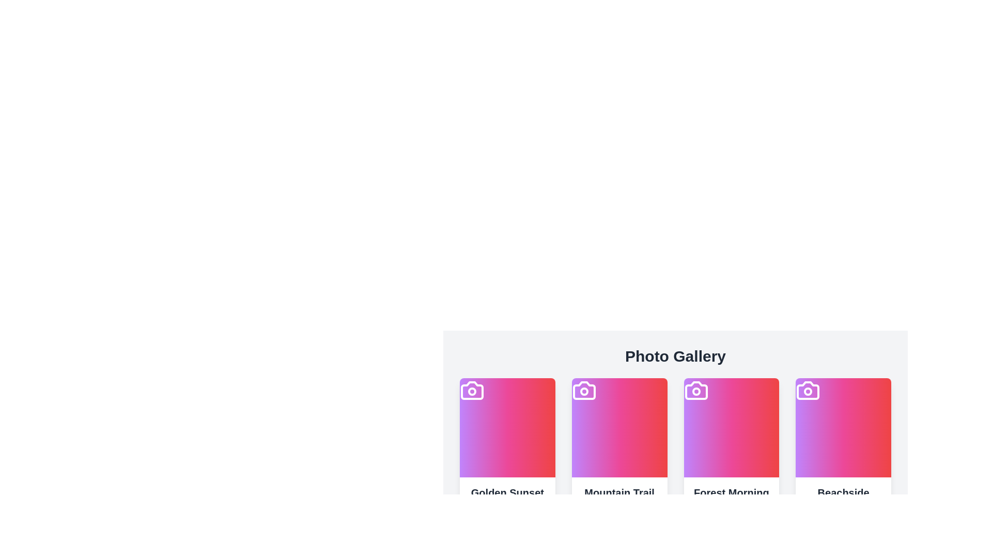  I want to click on the text label displaying the title of the second card, so click(619, 492).